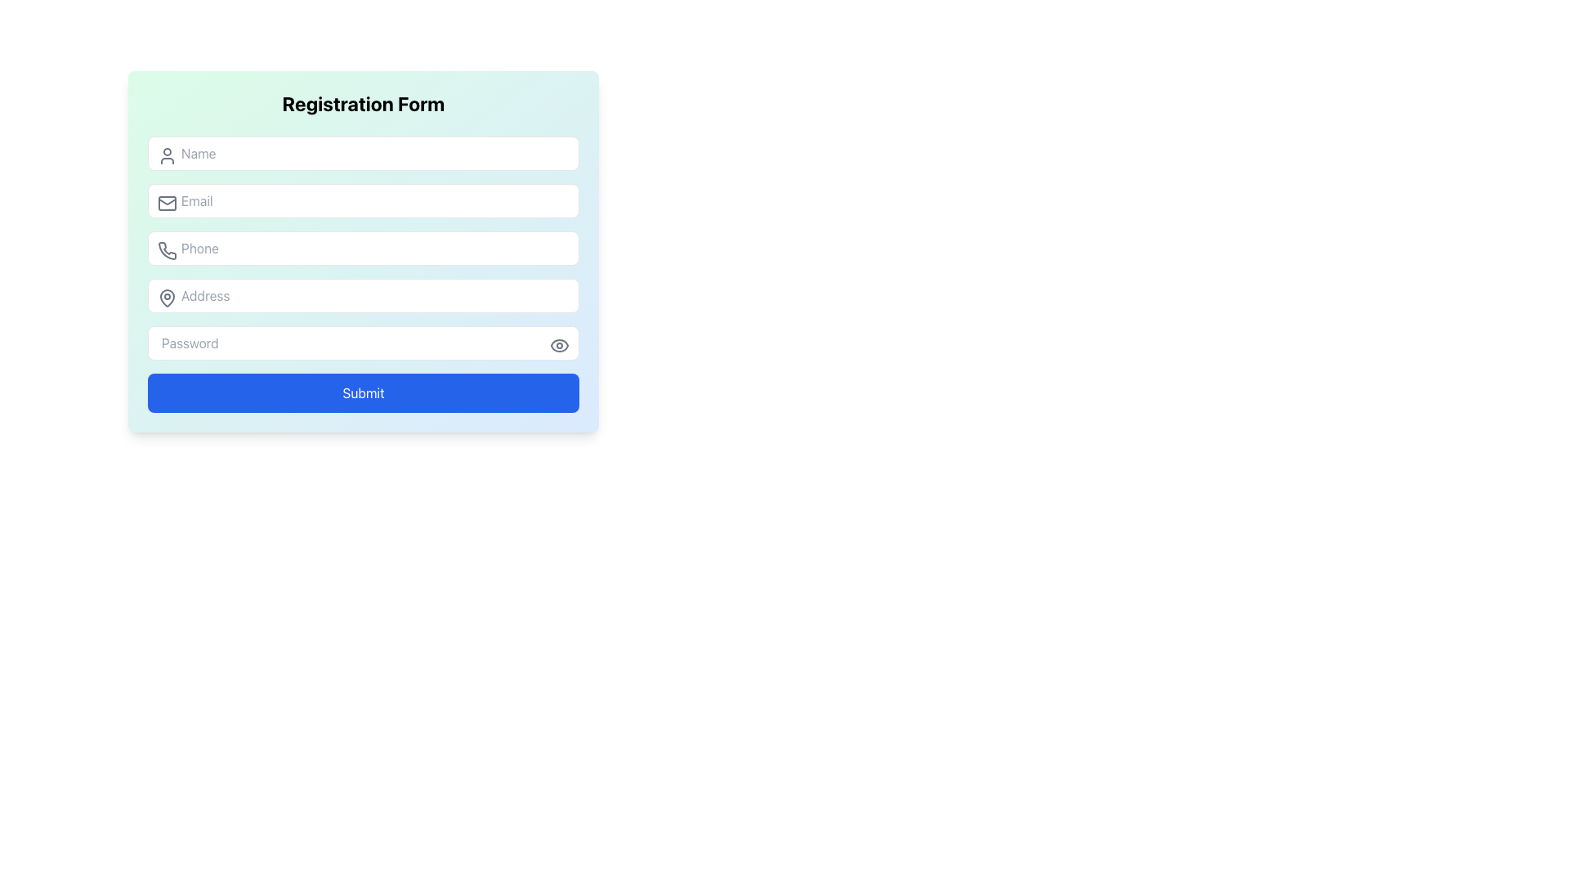  Describe the element at coordinates (168, 203) in the screenshot. I see `the upper rectangular base of the envelope icon displayed next to the 'Email' input field` at that location.